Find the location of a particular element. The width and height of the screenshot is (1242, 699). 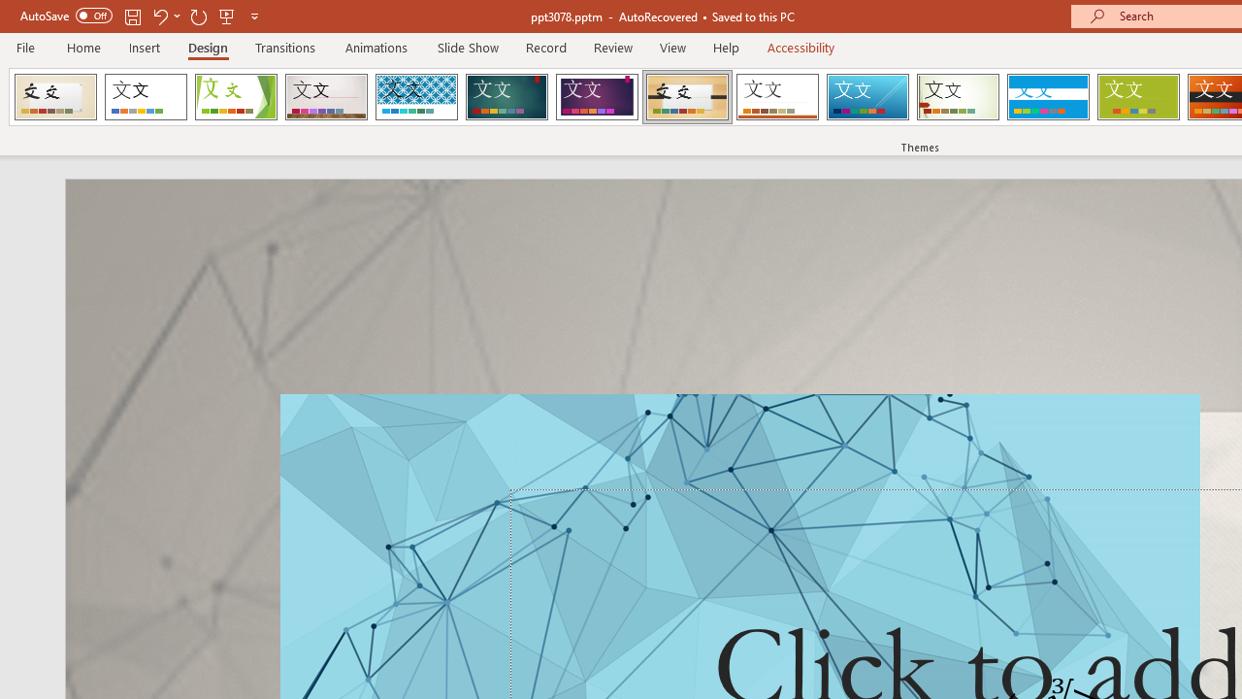

'Accessibility' is located at coordinates (801, 47).